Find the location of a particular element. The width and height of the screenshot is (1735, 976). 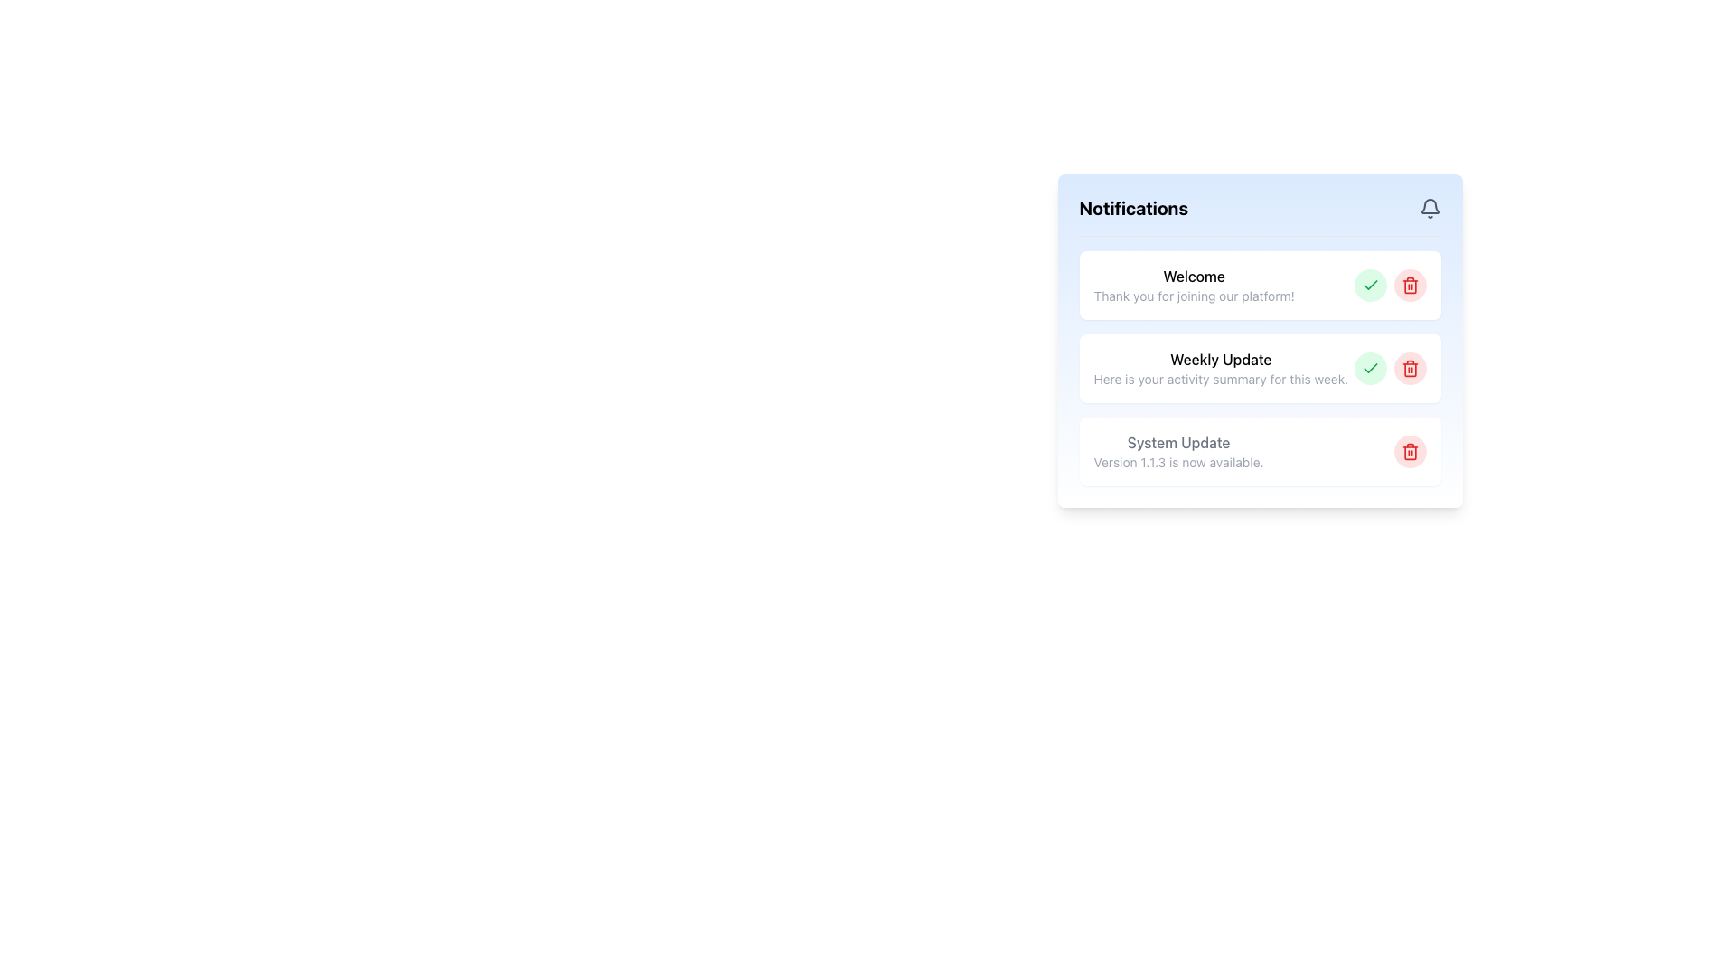

the delete icon located at the rightmost side of the notifications list is located at coordinates (1409, 452).